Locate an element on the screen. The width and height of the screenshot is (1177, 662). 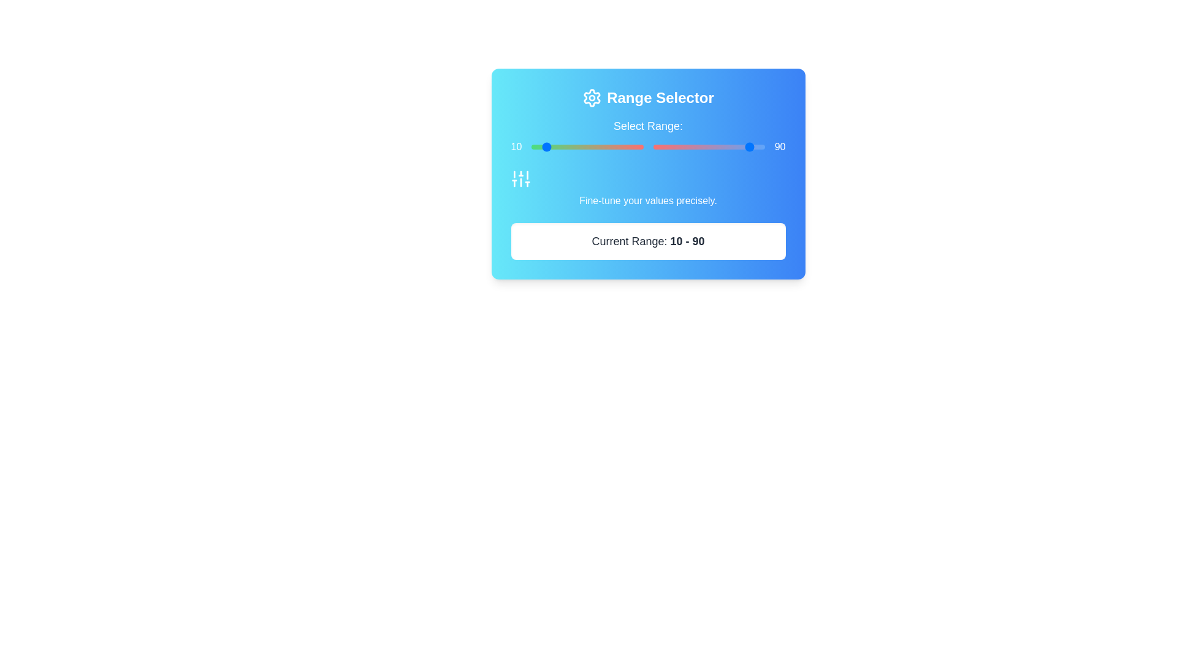
the left range slider to set the starting value to 76 is located at coordinates (616, 146).